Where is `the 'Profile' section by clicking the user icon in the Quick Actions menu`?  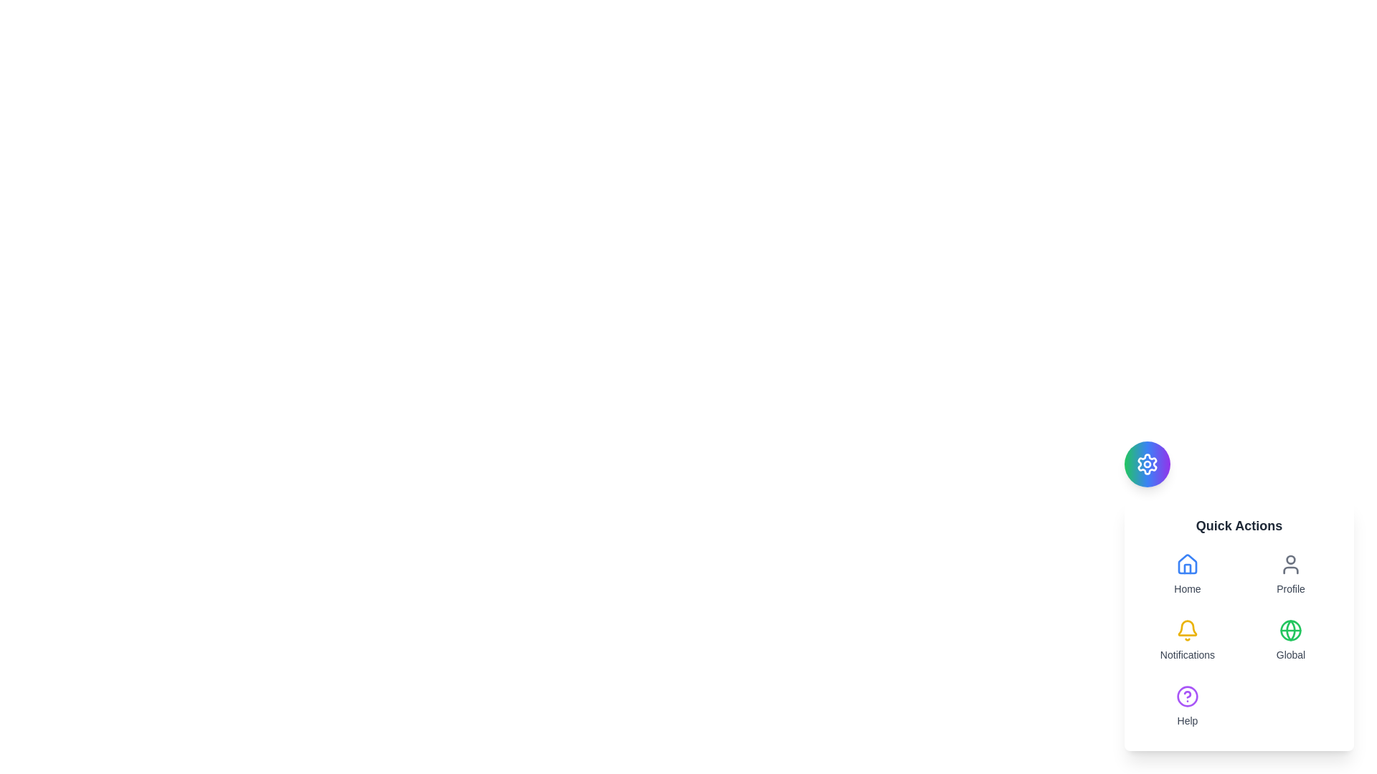
the 'Profile' section by clicking the user icon in the Quick Actions menu is located at coordinates (1291, 563).